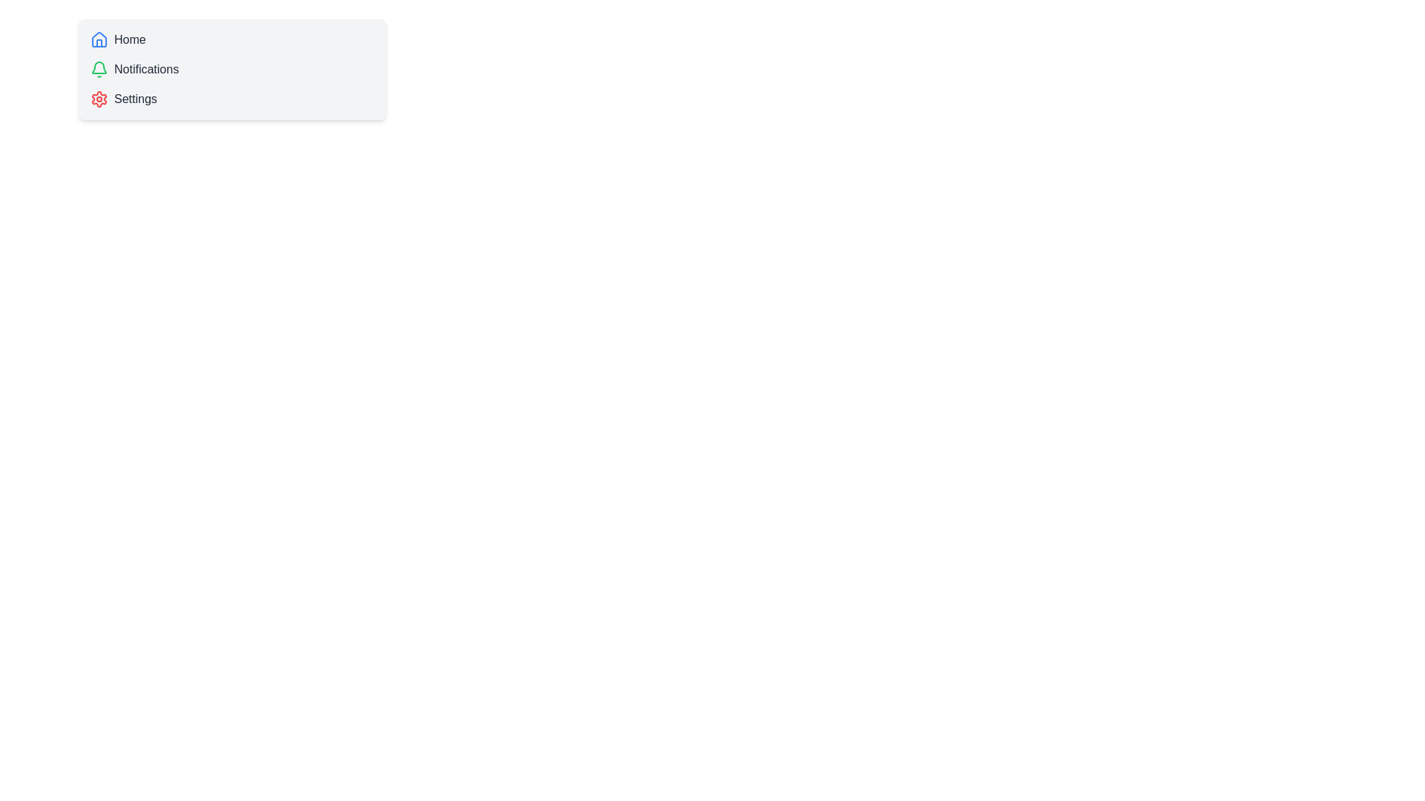 The width and height of the screenshot is (1425, 801). Describe the element at coordinates (146, 69) in the screenshot. I see `the 'Notifications' static text label in the vertical navigation menu, which is styled in gray font and positioned below the 'Home' item` at that location.